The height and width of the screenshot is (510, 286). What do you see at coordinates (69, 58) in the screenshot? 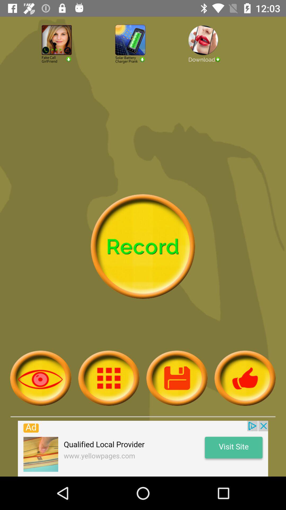
I see `fake girlfriend prank button` at bounding box center [69, 58].